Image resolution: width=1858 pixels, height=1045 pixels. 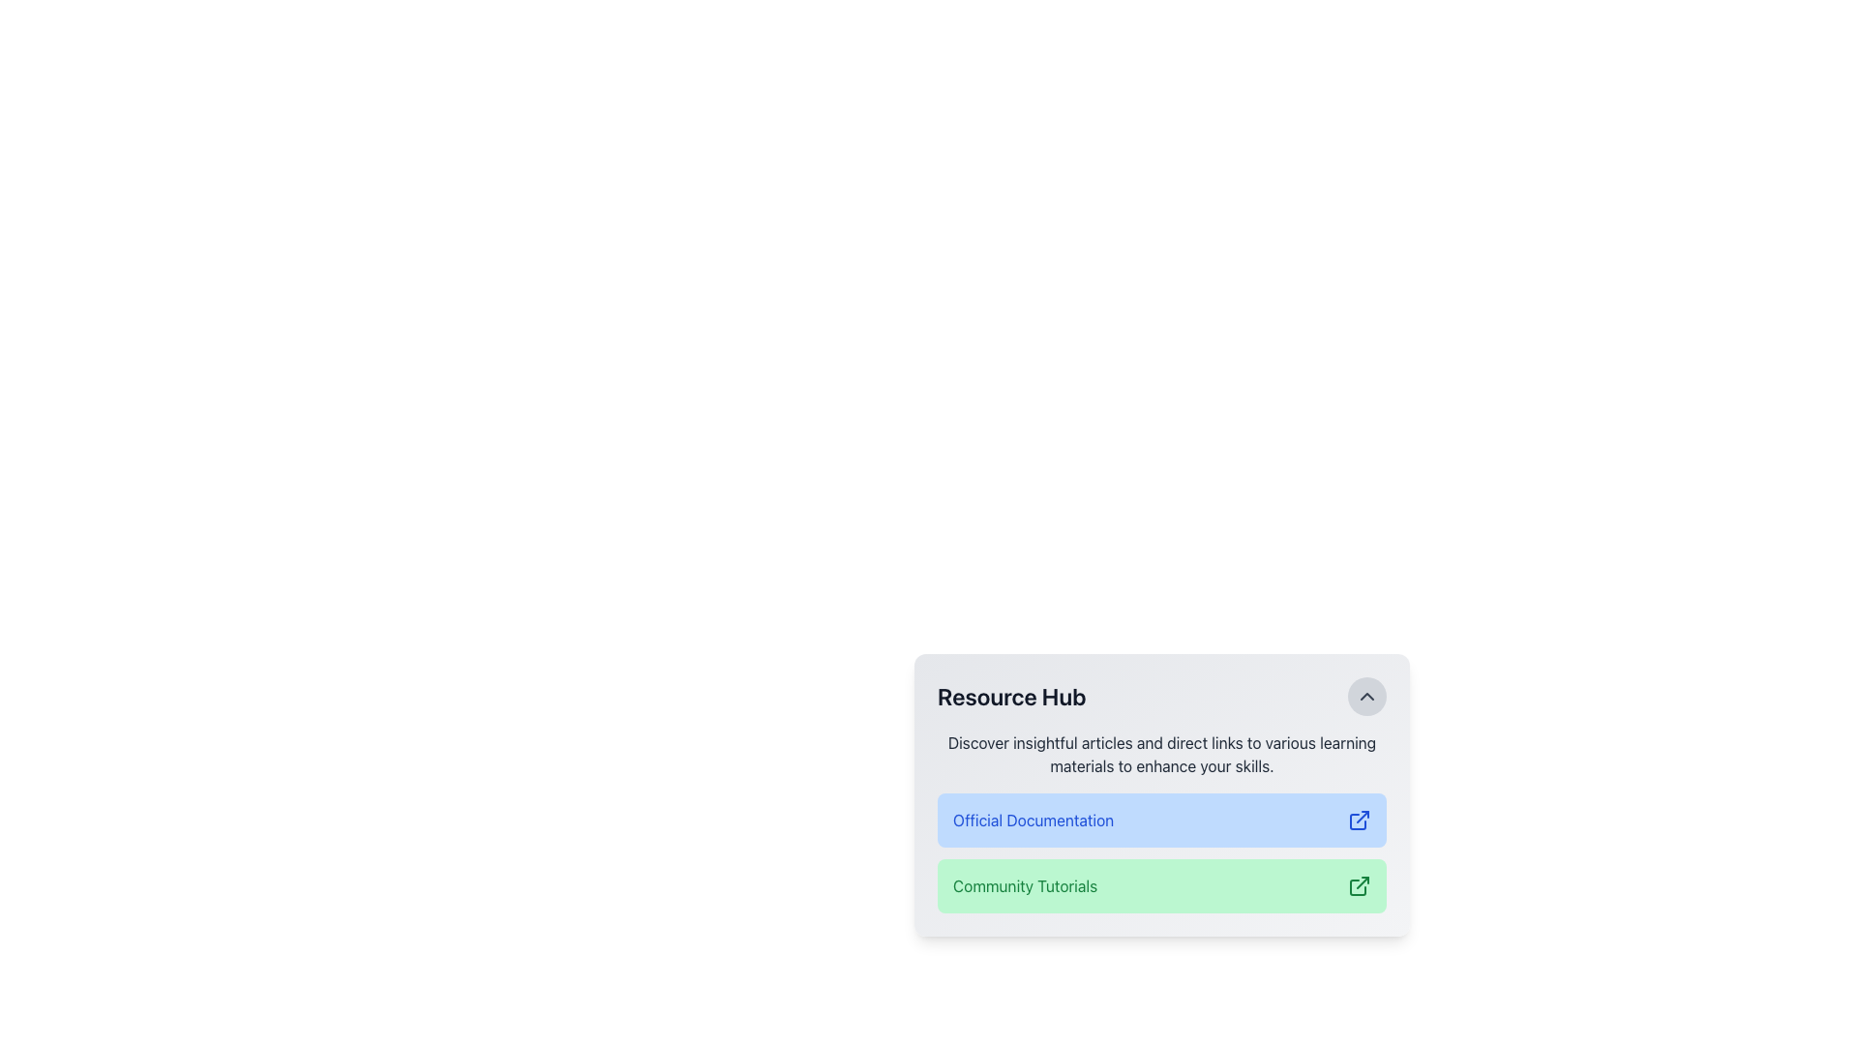 What do you see at coordinates (1359, 821) in the screenshot?
I see `the blue arrow icon located on the right-hand side of the 'Official Documentation' button to follow the external link` at bounding box center [1359, 821].